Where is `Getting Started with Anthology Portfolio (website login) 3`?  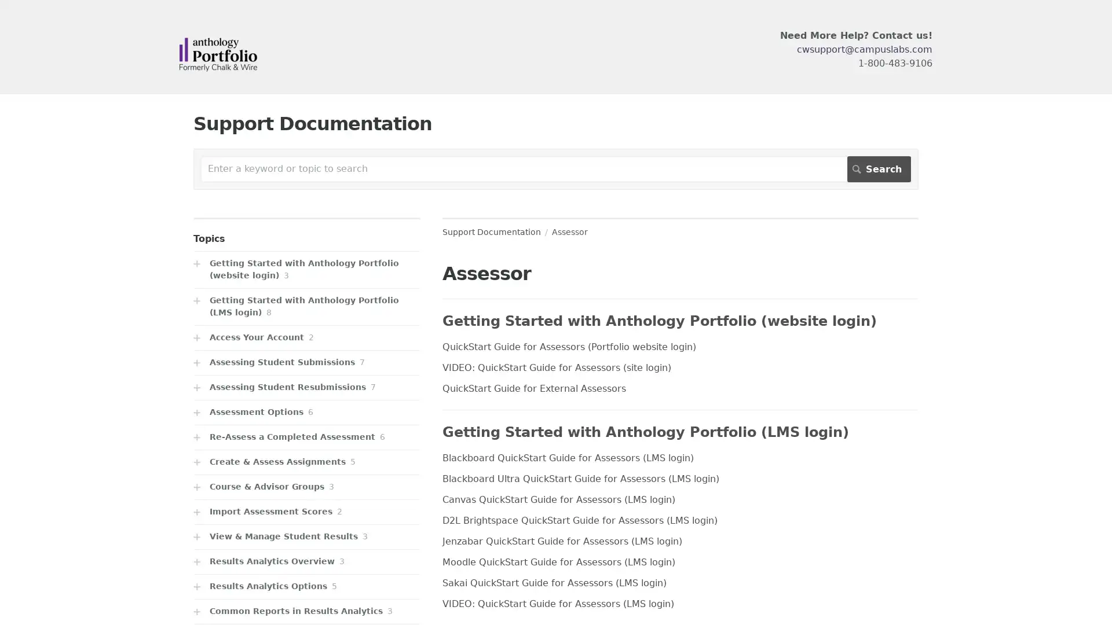 Getting Started with Anthology Portfolio (website login) 3 is located at coordinates (306, 270).